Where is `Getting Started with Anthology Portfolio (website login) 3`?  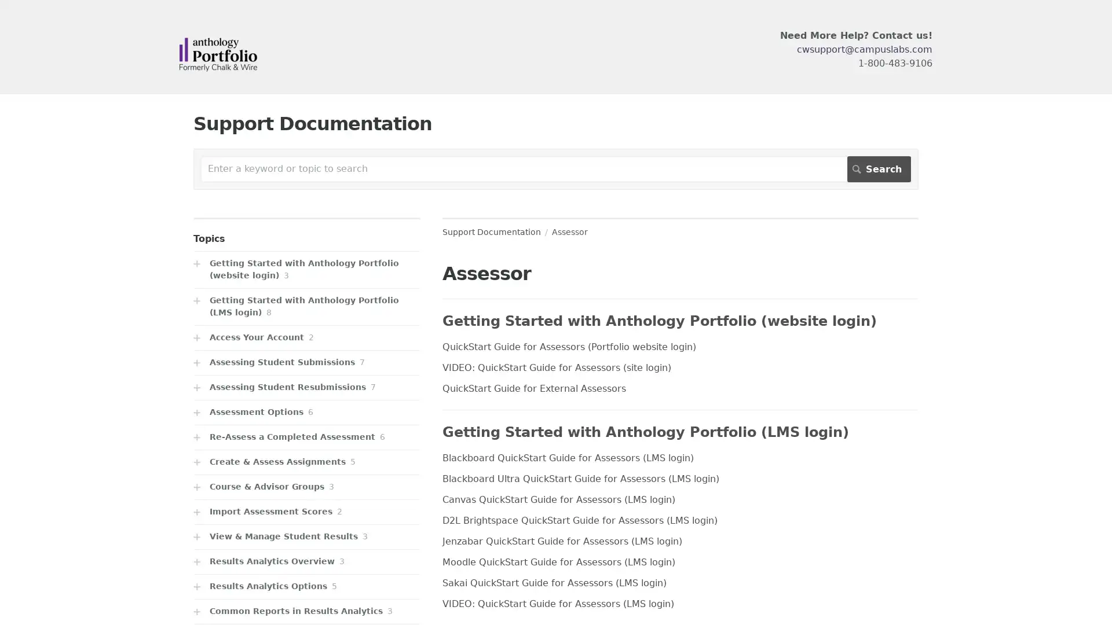 Getting Started with Anthology Portfolio (website login) 3 is located at coordinates (306, 270).